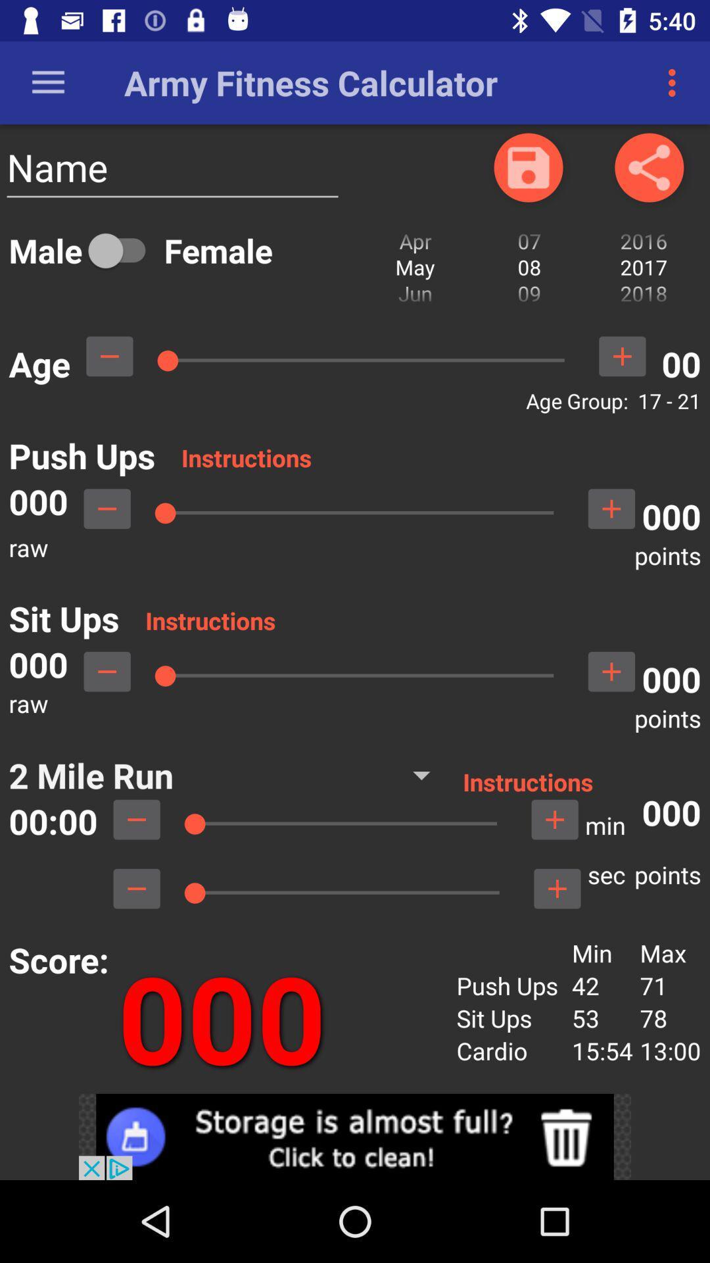  I want to click on subtract number, so click(108, 356).